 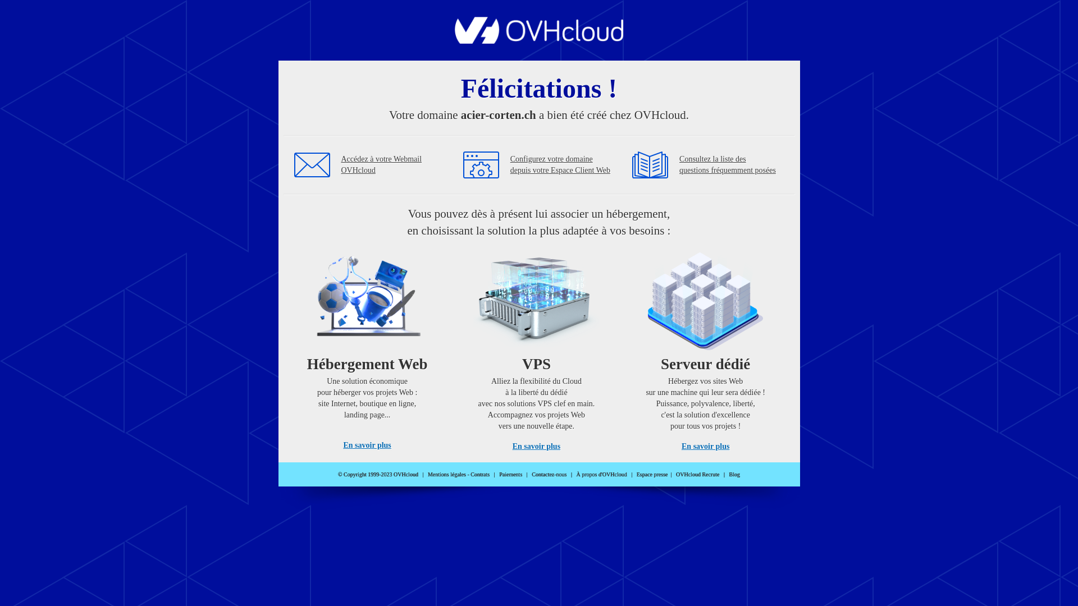 I want to click on 'OVHcloud Recrute', so click(x=697, y=474).